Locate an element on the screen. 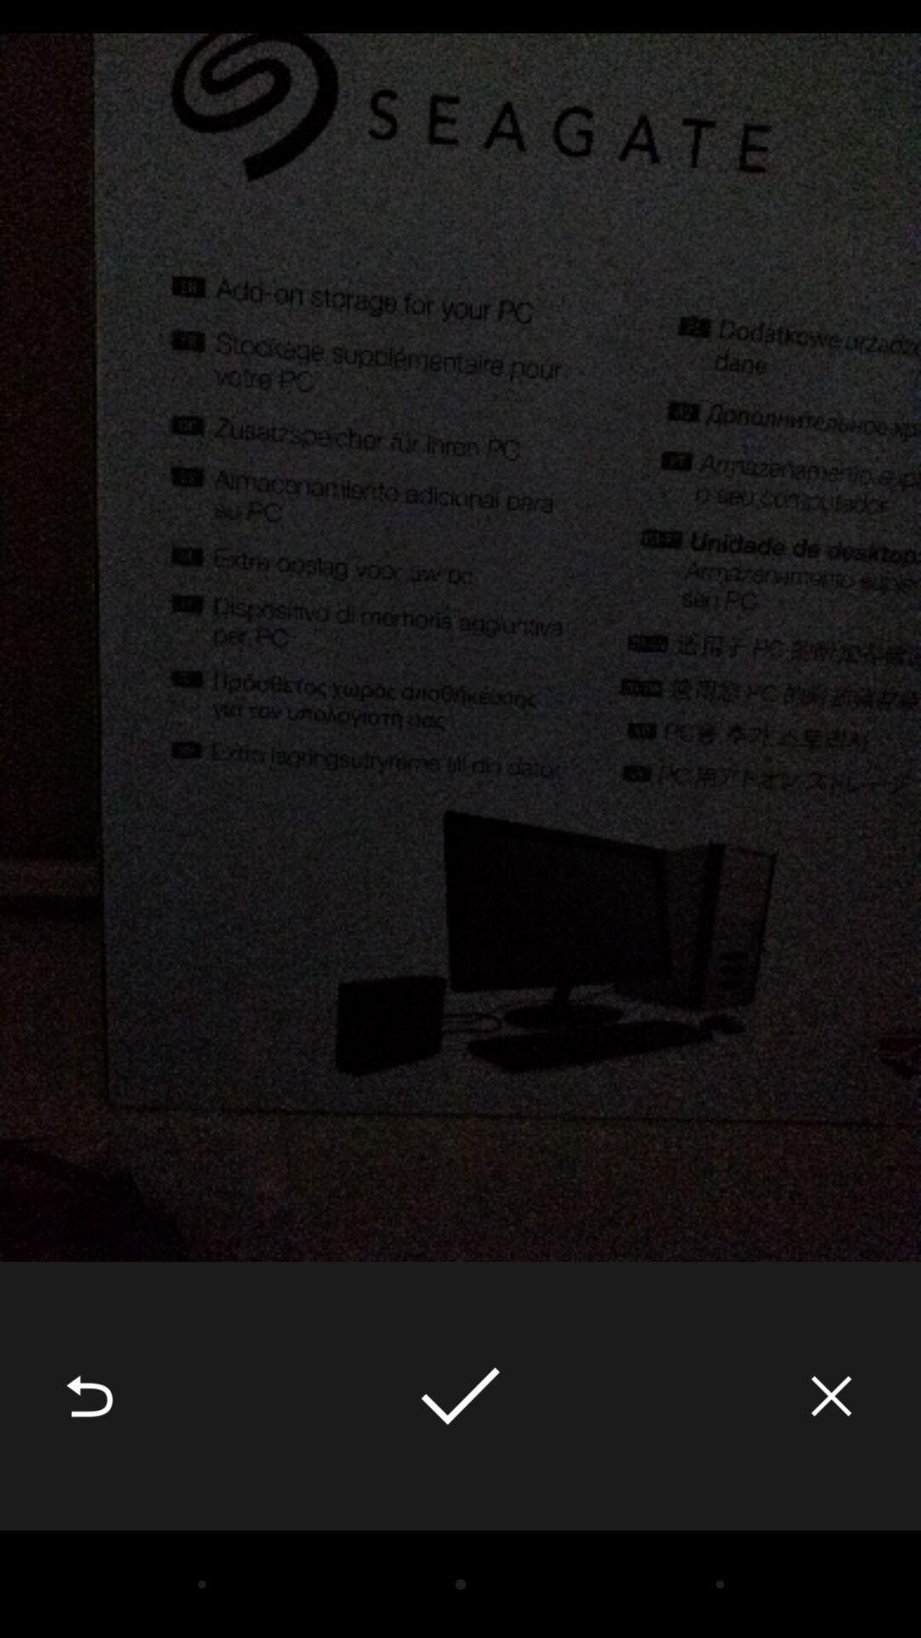 This screenshot has height=1638, width=921. the item at the bottom right corner is located at coordinates (831, 1396).